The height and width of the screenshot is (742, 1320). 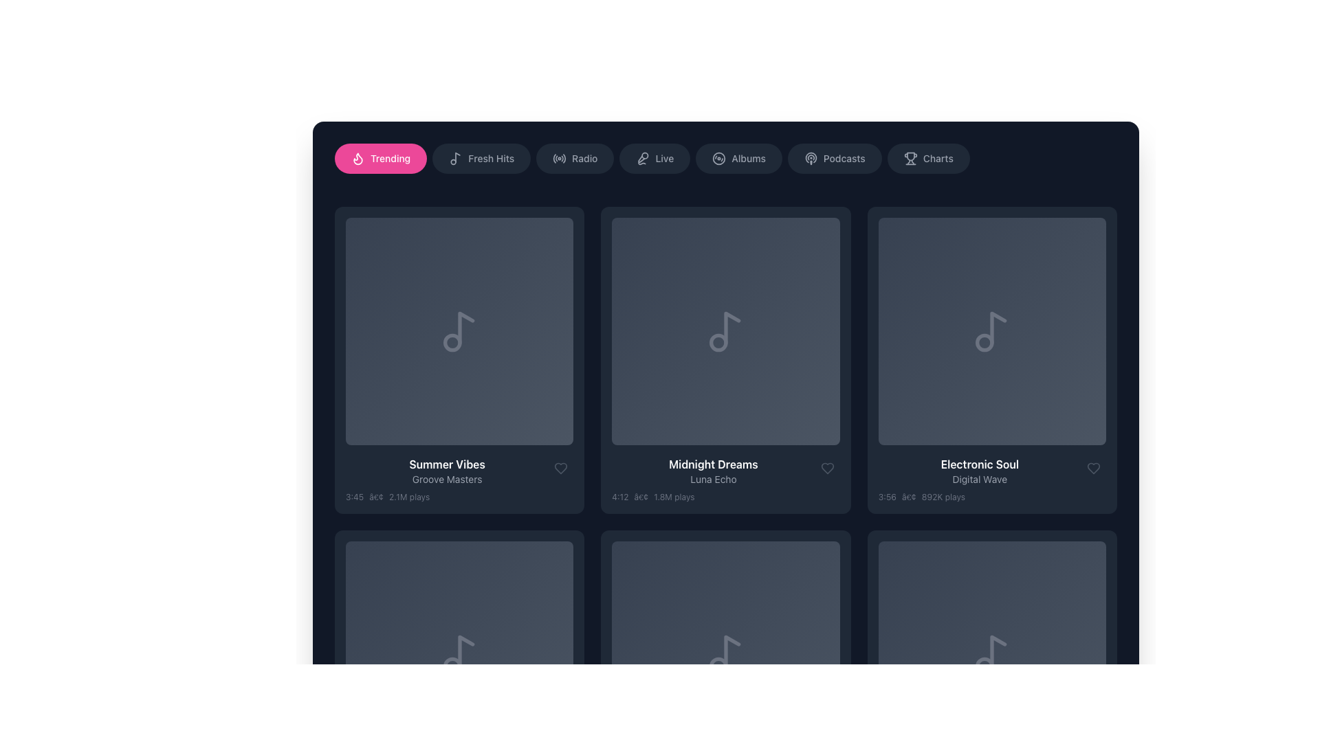 What do you see at coordinates (376, 497) in the screenshot?
I see `the textual separator symbol, which is a small gray bullet point located between the duration text ('3:45') and the play count text ('2.1M plays')` at bounding box center [376, 497].